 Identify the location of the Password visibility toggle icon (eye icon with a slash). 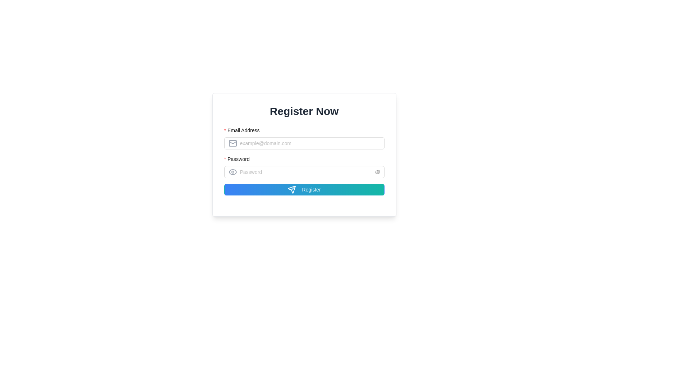
(377, 172).